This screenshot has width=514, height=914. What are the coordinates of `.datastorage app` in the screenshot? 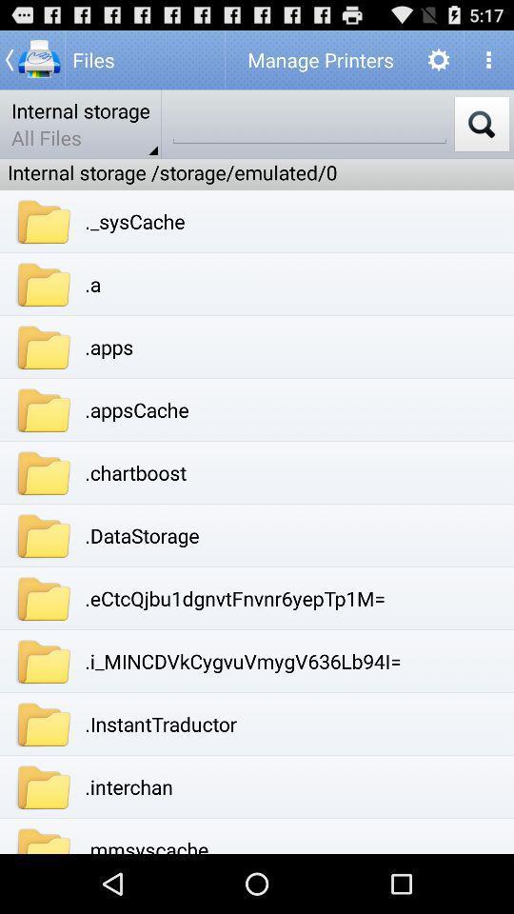 It's located at (141, 535).